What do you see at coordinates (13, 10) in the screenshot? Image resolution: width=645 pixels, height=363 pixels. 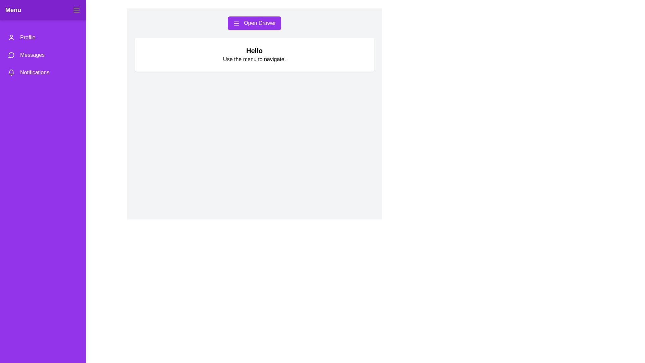 I see `the 'Menu' text, which is displayed in a bold white font on the top-left corner of a horizontal purple menu bar` at bounding box center [13, 10].